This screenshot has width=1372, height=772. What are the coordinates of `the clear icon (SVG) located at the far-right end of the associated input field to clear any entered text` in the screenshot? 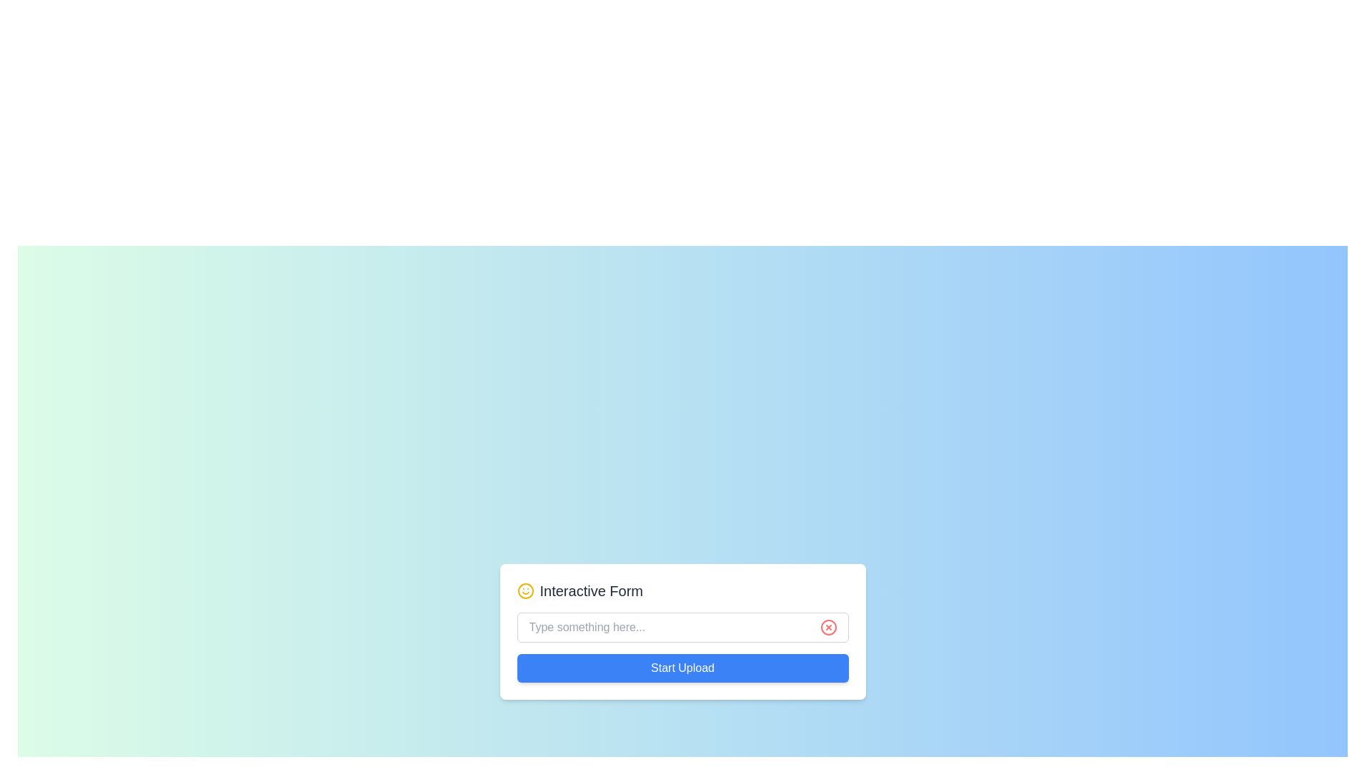 It's located at (828, 627).